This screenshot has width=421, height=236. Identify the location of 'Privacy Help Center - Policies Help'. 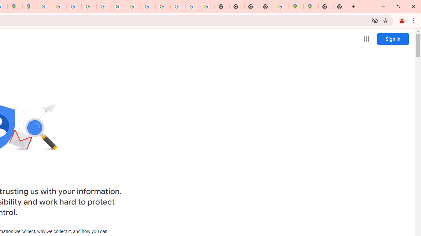
(88, 7).